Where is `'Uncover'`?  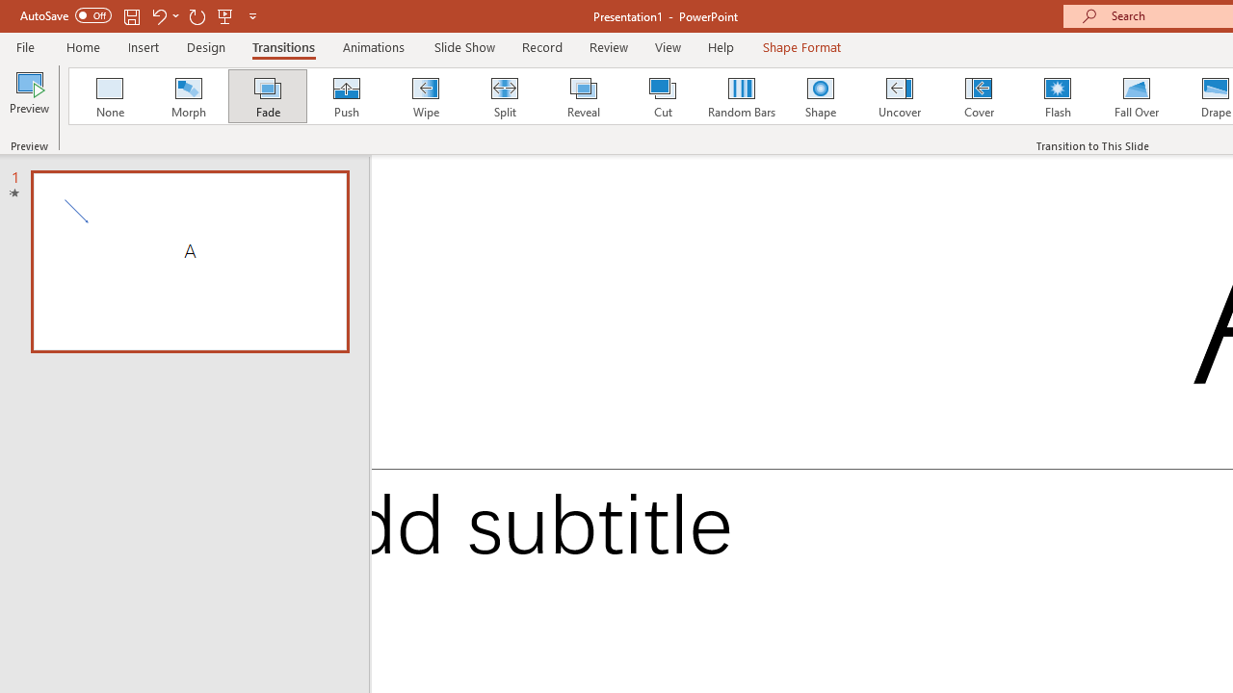 'Uncover' is located at coordinates (899, 96).